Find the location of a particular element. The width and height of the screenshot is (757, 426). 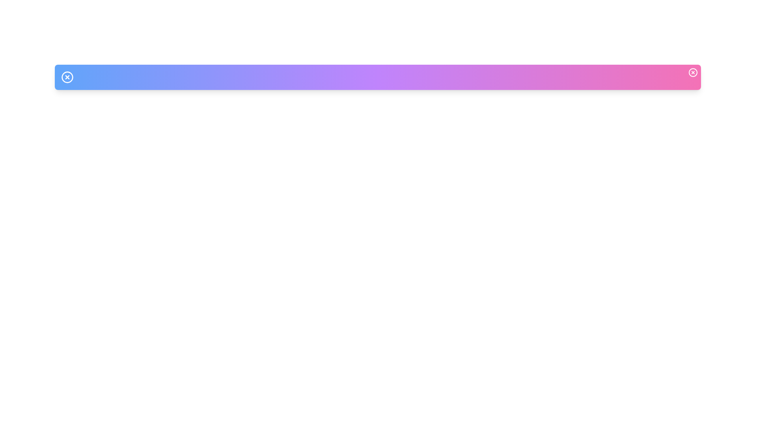

the circular outline icon located in the top-right corner of the main layout bar is located at coordinates (692, 73).